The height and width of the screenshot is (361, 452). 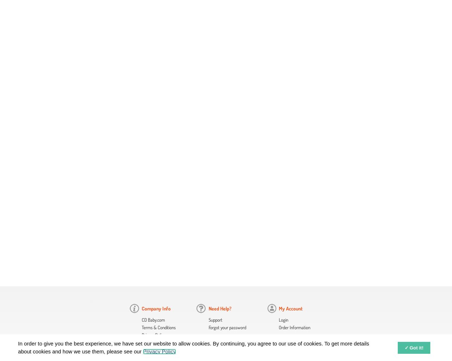 I want to click on 'In order to give you the best experience, we have set our website to allow cookies. By continuing, you agree to our use of cookies. To get more details about cookies and how we use them, please see our', so click(x=193, y=347).